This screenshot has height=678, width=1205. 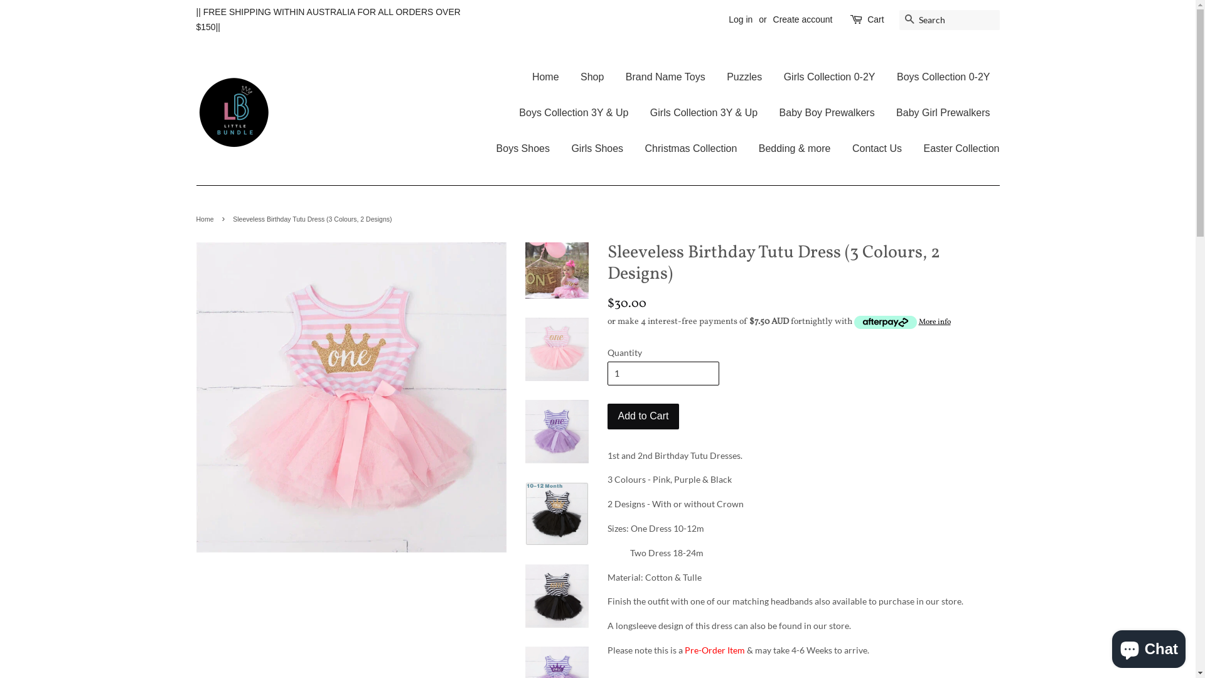 What do you see at coordinates (591, 77) in the screenshot?
I see `'Shop'` at bounding box center [591, 77].